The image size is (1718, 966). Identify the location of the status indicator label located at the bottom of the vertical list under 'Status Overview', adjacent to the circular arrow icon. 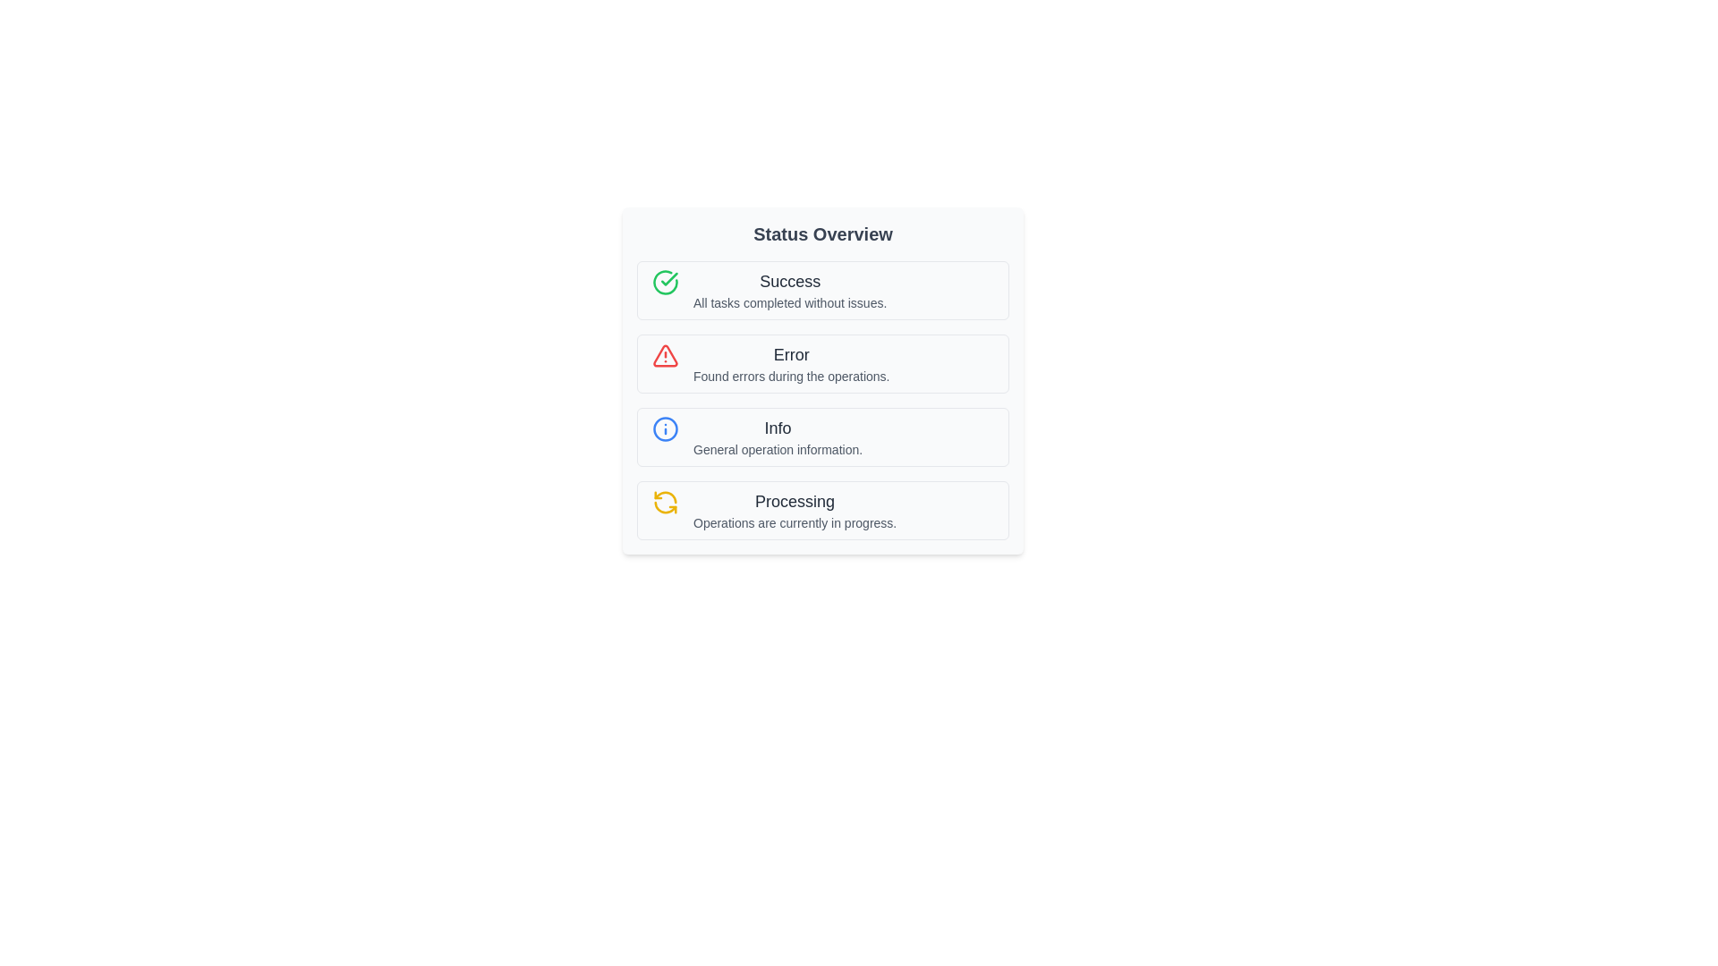
(794, 510).